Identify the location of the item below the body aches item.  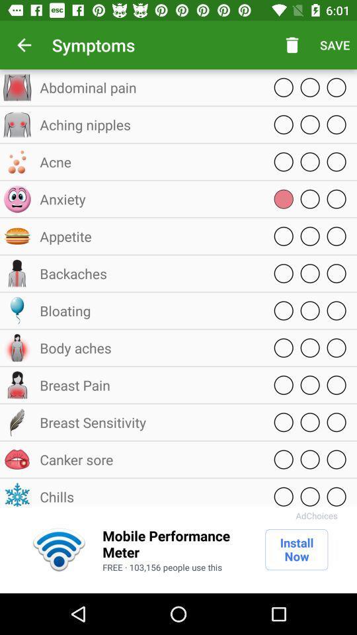
(148, 385).